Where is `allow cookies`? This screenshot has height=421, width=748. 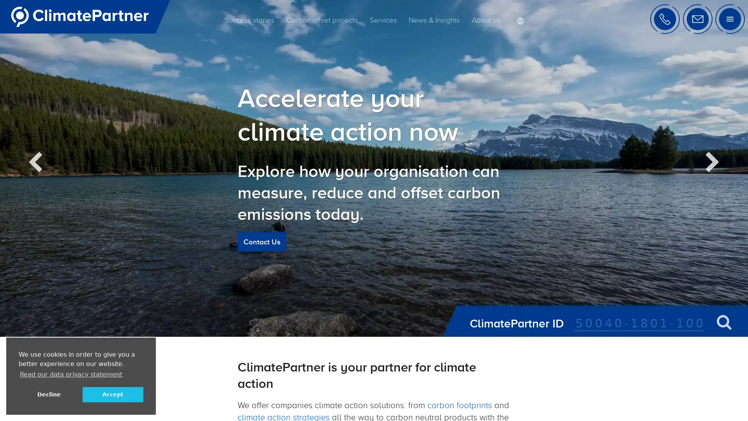 allow cookies is located at coordinates (112, 394).